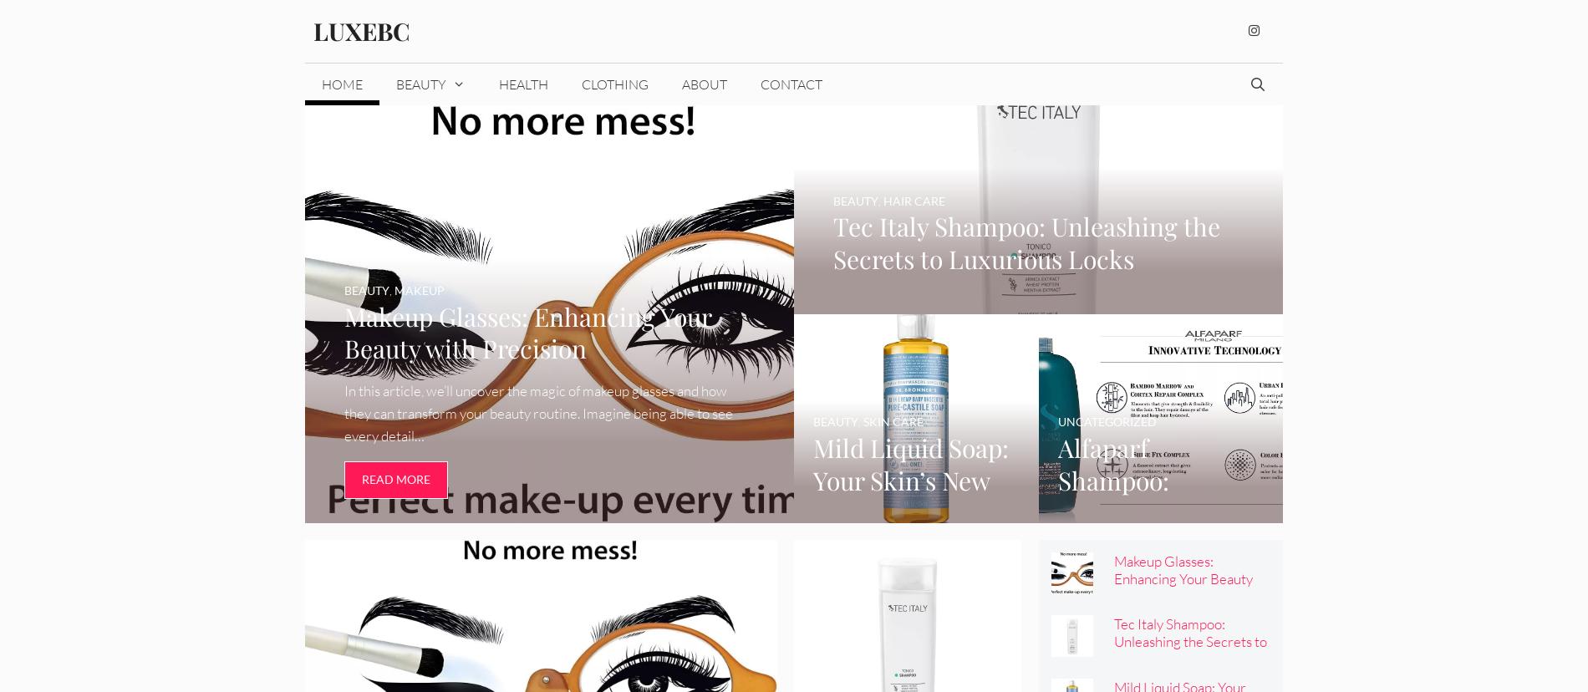 The height and width of the screenshot is (692, 1588). Describe the element at coordinates (911, 480) in the screenshot. I see `'Mild Liquid Soap: Your Skin’s New Best Friend'` at that location.